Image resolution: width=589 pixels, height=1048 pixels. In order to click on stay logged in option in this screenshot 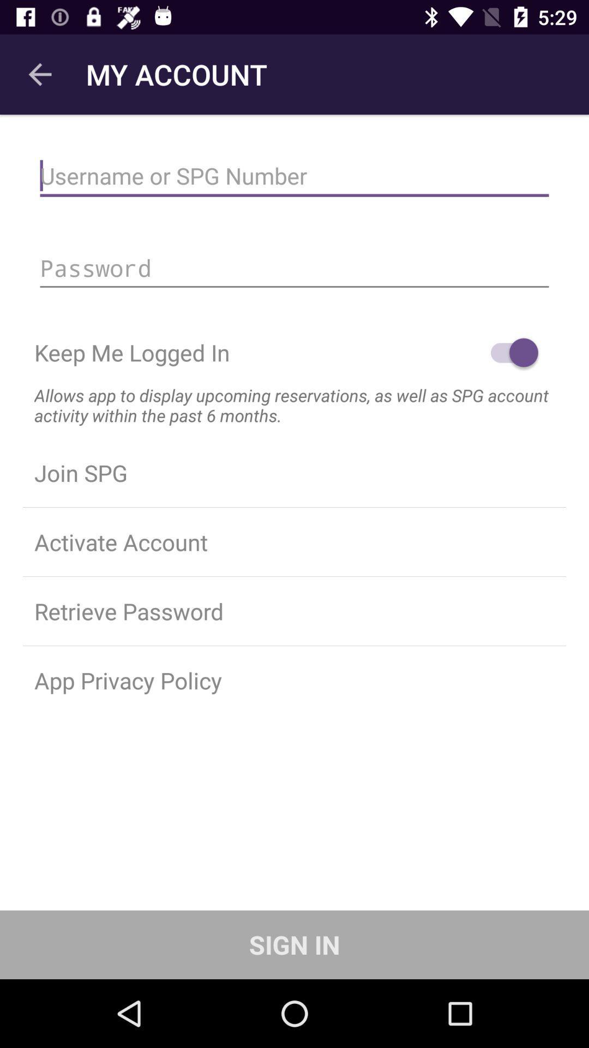, I will do `click(509, 353)`.